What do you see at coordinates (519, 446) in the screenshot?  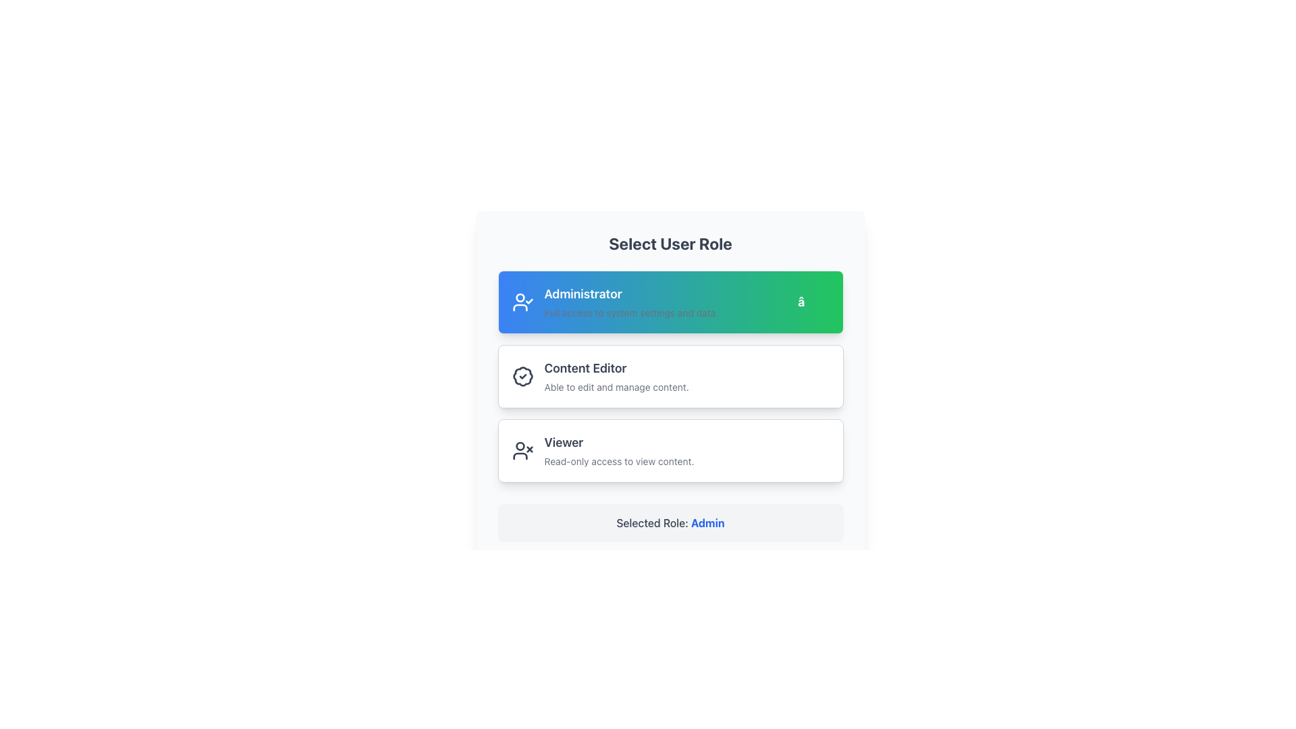 I see `the circular component of the 'Viewer' user role icon in the user role selection panel` at bounding box center [519, 446].